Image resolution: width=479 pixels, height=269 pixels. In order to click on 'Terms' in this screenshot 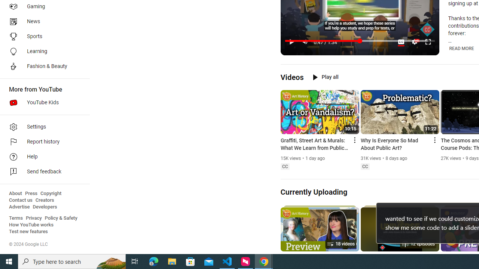, I will do `click(16, 218)`.